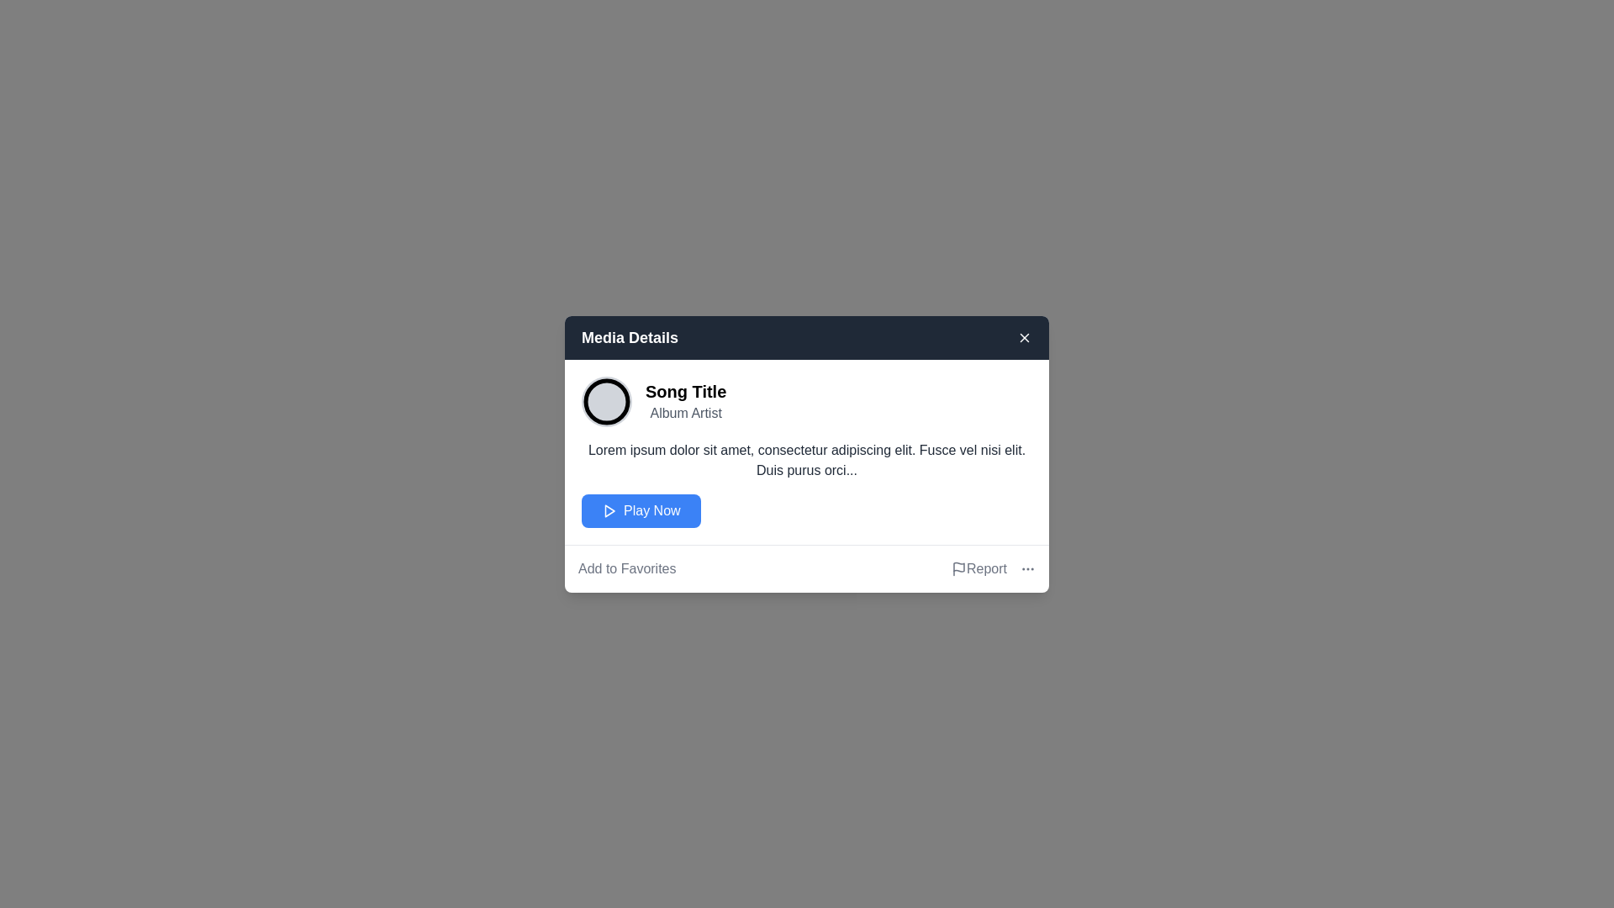 This screenshot has width=1614, height=908. I want to click on information from the text block containing 'Lorem ipsum dolor sit amet, consectetur adipiscing elit. Fusce vel nisi elit. Duis purus orci...' which is centrally located beneath the song title and artist information, so click(807, 460).